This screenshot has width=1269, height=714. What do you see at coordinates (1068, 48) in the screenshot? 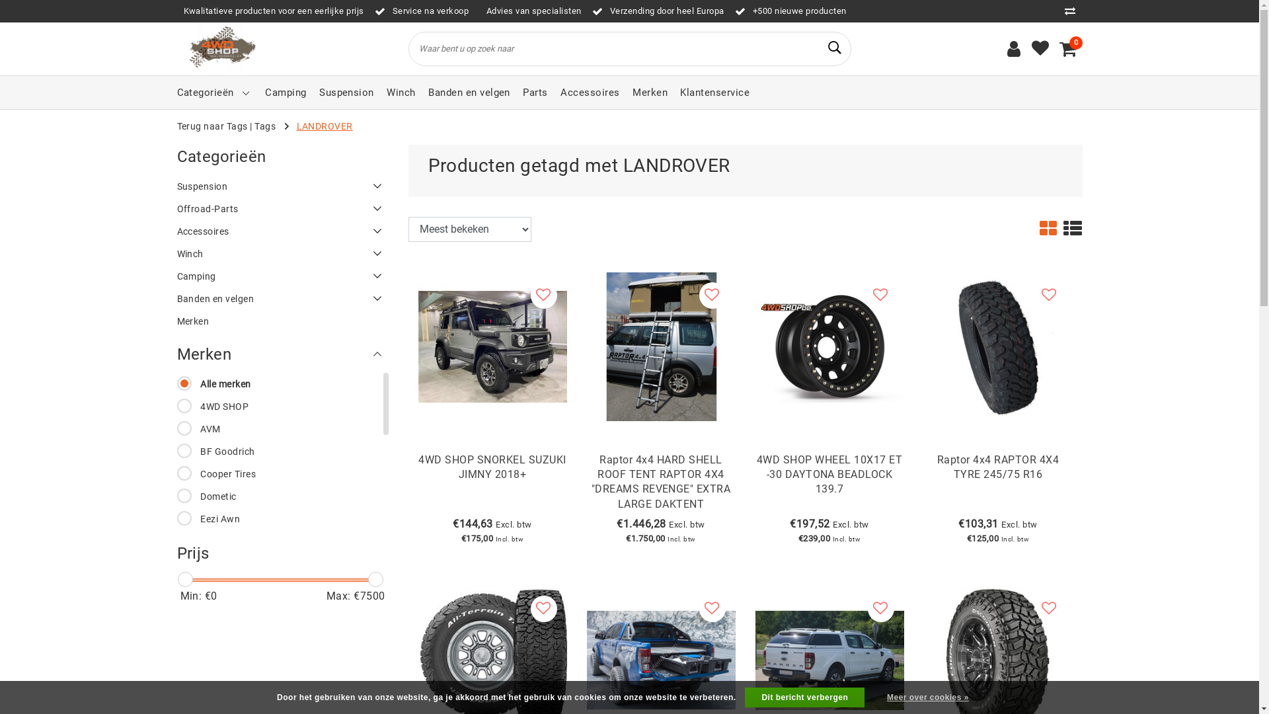
I see `'0'` at bounding box center [1068, 48].